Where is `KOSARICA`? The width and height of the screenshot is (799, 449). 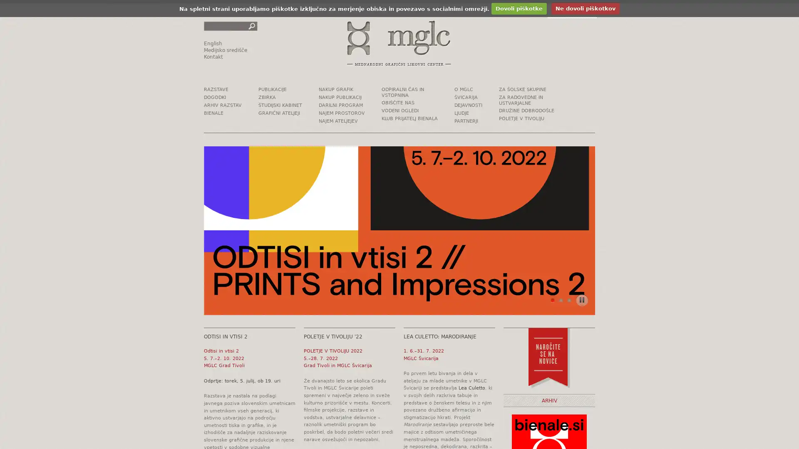 KOSARICA is located at coordinates (571, 11).